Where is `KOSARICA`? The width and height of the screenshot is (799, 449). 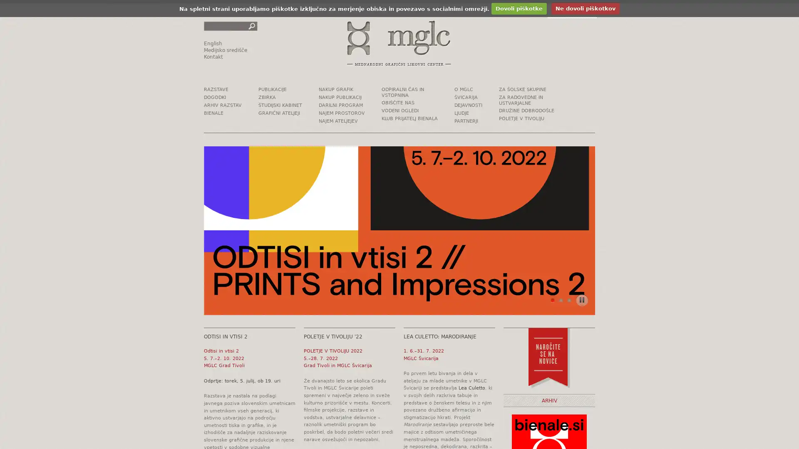 KOSARICA is located at coordinates (571, 11).